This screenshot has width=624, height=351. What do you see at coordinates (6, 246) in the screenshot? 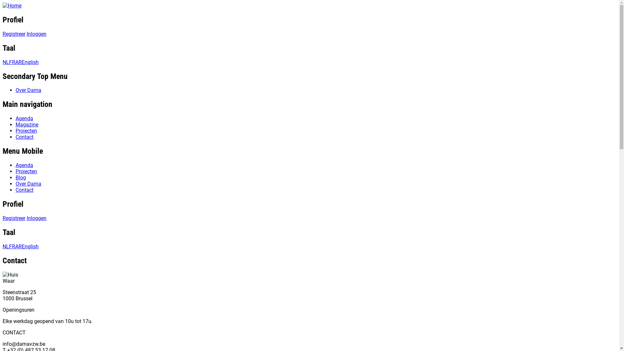
I see `'NL'` at bounding box center [6, 246].